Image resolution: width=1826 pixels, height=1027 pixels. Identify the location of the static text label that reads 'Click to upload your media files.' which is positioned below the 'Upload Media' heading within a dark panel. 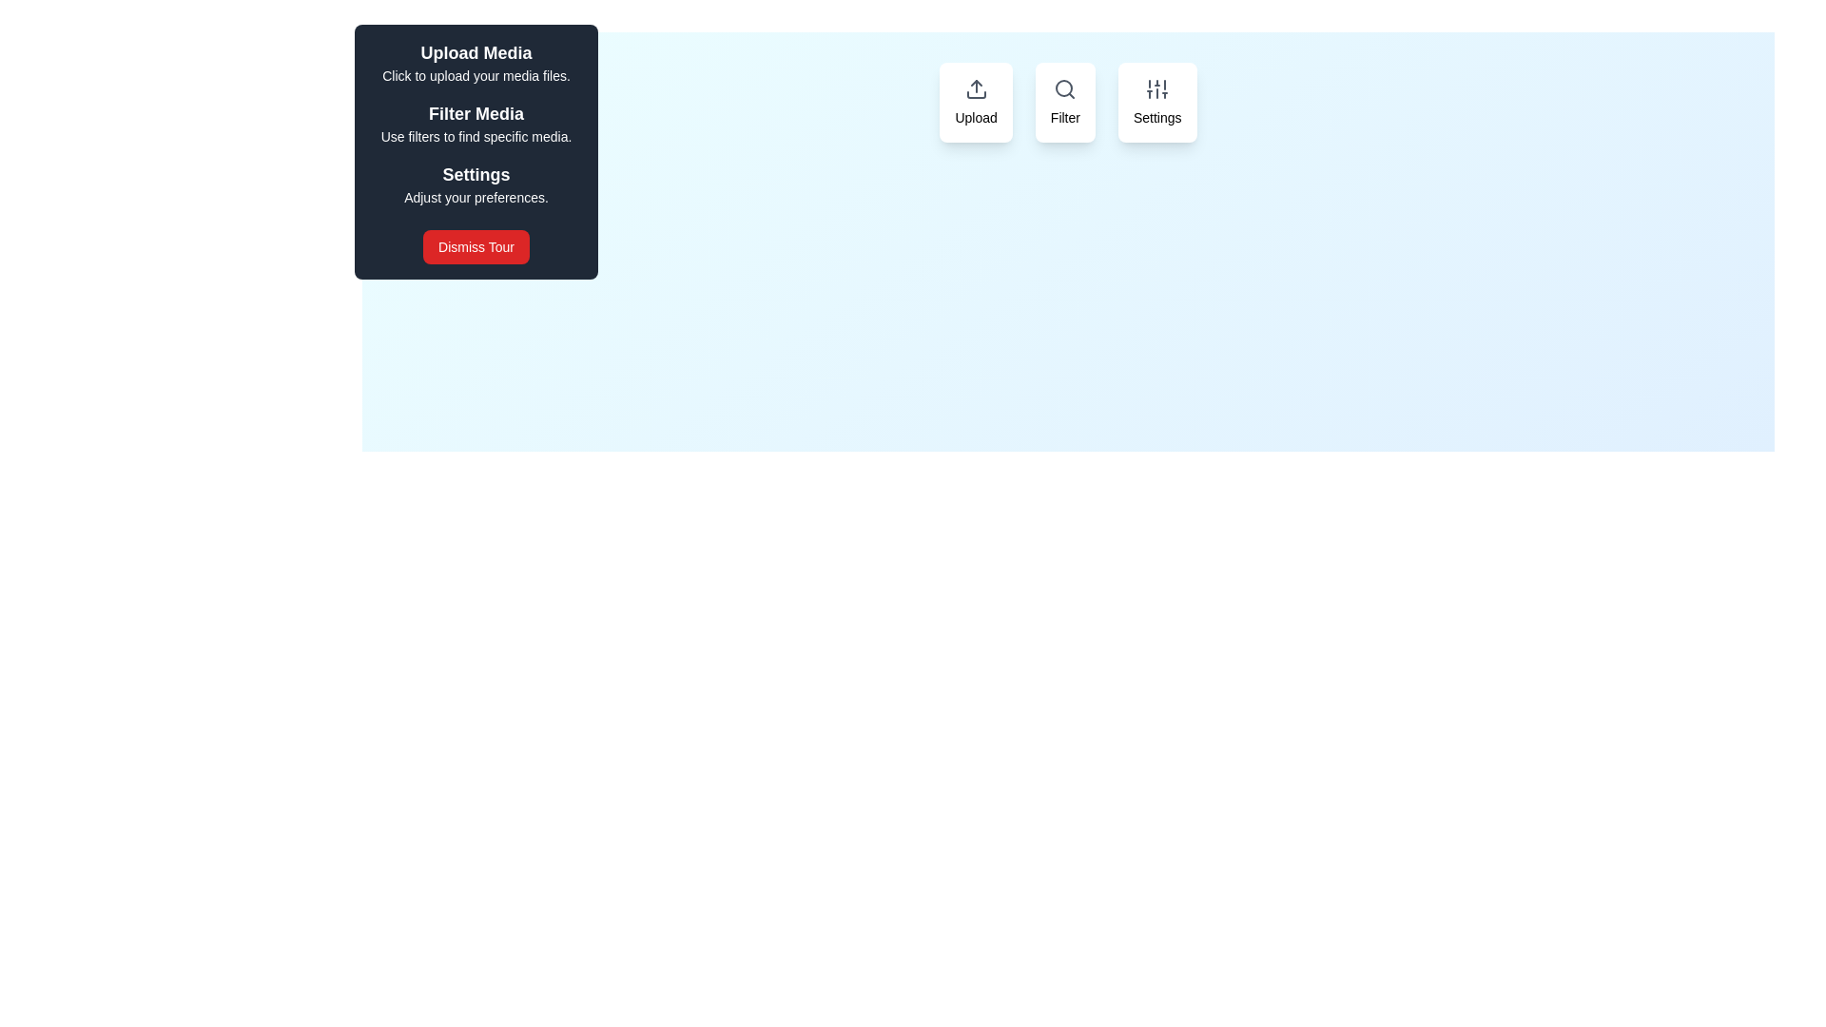
(476, 75).